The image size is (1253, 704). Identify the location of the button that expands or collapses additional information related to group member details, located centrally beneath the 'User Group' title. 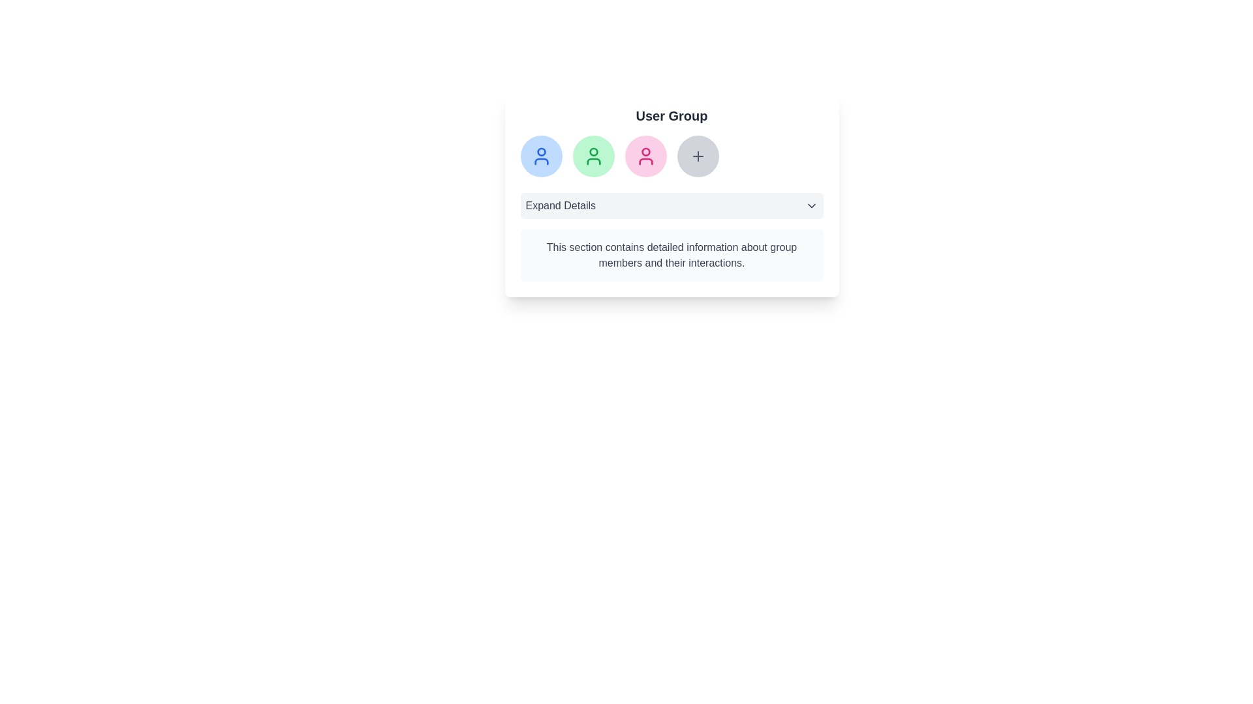
(672, 205).